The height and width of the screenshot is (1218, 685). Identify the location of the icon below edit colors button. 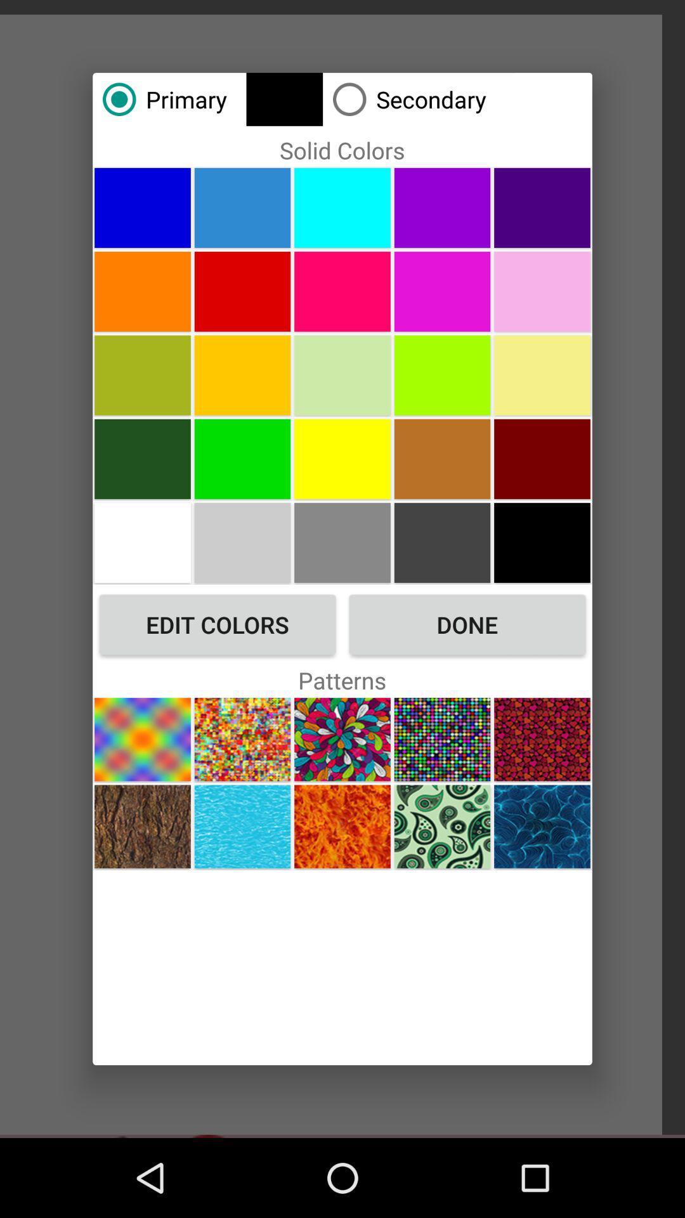
(142, 739).